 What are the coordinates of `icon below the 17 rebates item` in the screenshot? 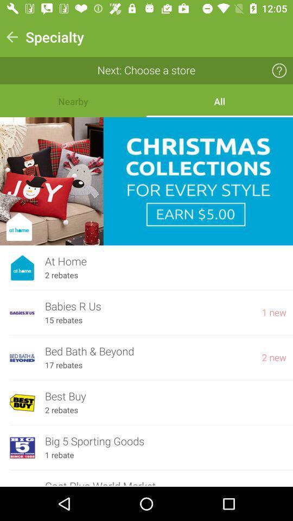 It's located at (165, 396).